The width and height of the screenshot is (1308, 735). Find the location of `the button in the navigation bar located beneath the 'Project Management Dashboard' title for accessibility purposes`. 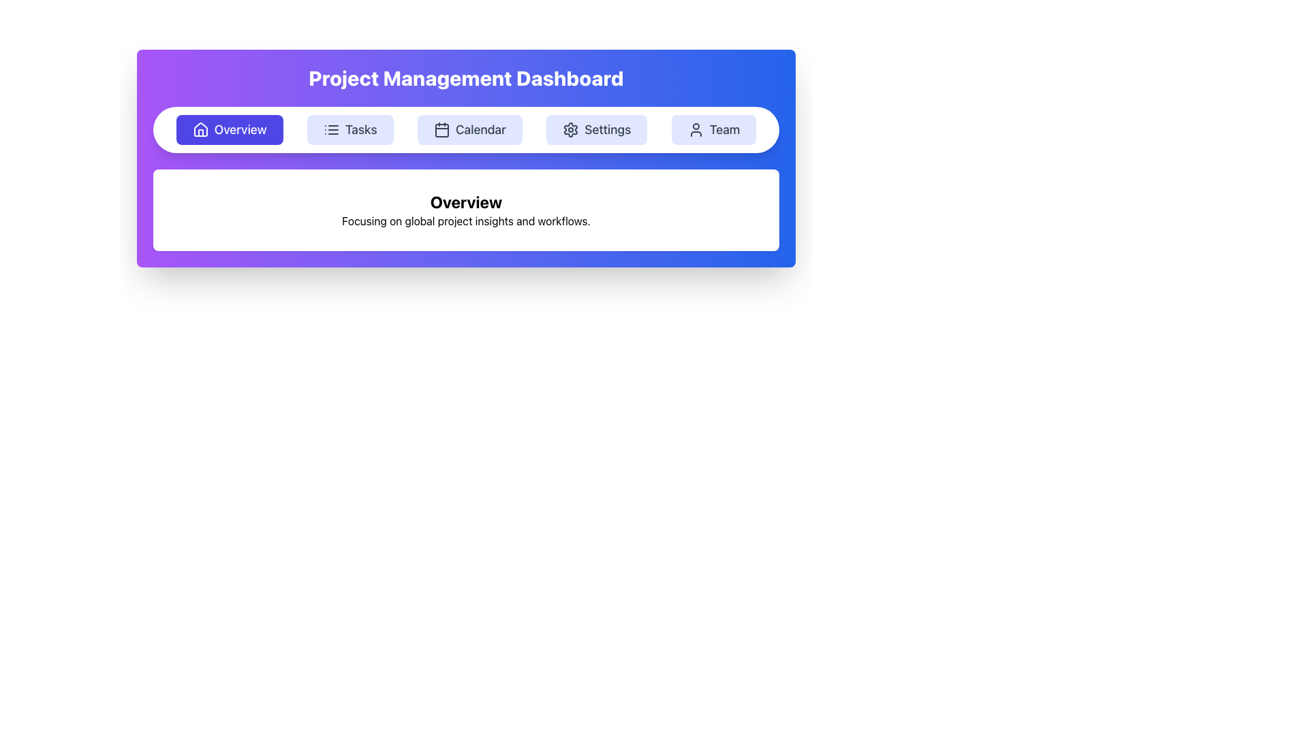

the button in the navigation bar located beneath the 'Project Management Dashboard' title for accessibility purposes is located at coordinates (466, 130).